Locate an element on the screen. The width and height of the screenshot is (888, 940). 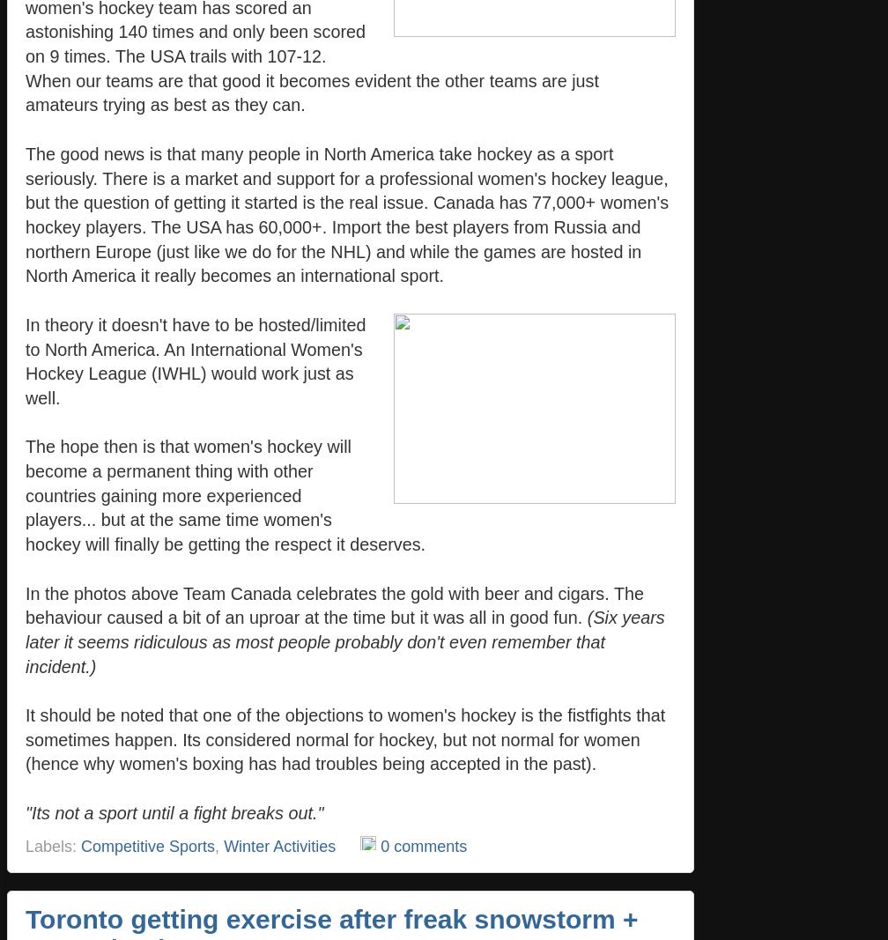
'(Six years later it seems ridiculous as most people probably don't even remember that incident.)' is located at coordinates (26, 640).